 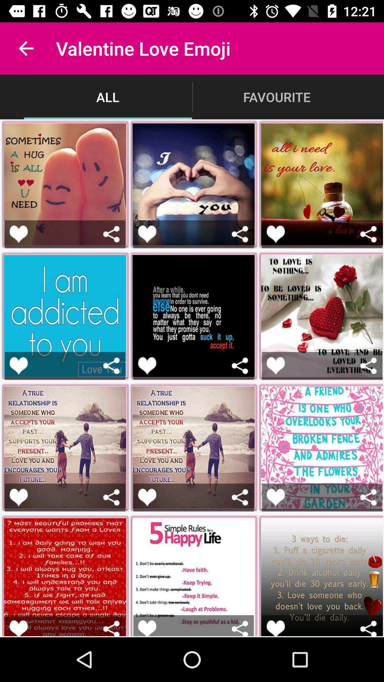 I want to click on love the post, so click(x=146, y=628).